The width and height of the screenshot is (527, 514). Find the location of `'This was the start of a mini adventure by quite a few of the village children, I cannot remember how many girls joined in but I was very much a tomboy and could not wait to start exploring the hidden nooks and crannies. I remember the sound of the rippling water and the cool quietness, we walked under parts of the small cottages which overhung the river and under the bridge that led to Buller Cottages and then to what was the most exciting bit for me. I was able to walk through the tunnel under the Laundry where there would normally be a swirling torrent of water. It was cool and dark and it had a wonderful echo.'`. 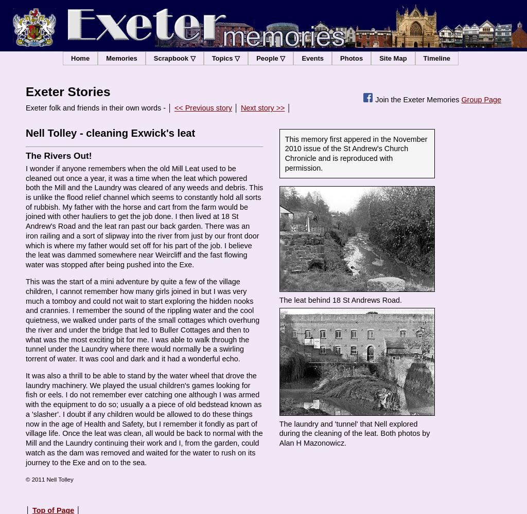

'This was the start of a mini adventure by quite a few of the village children, I cannot remember how many girls joined in but I was very much a tomboy and could not wait to start exploring the hidden nooks and crannies. I remember the sound of the rippling water and the cool quietness, we walked under parts of the small cottages which overhung the river and under the bridge that led to Buller Cottages and then to what was the most exciting bit for me. I was able to walk through the tunnel under the Laundry where there would normally be a swirling torrent of water. It was cool and dark and it had a wonderful echo.' is located at coordinates (142, 319).